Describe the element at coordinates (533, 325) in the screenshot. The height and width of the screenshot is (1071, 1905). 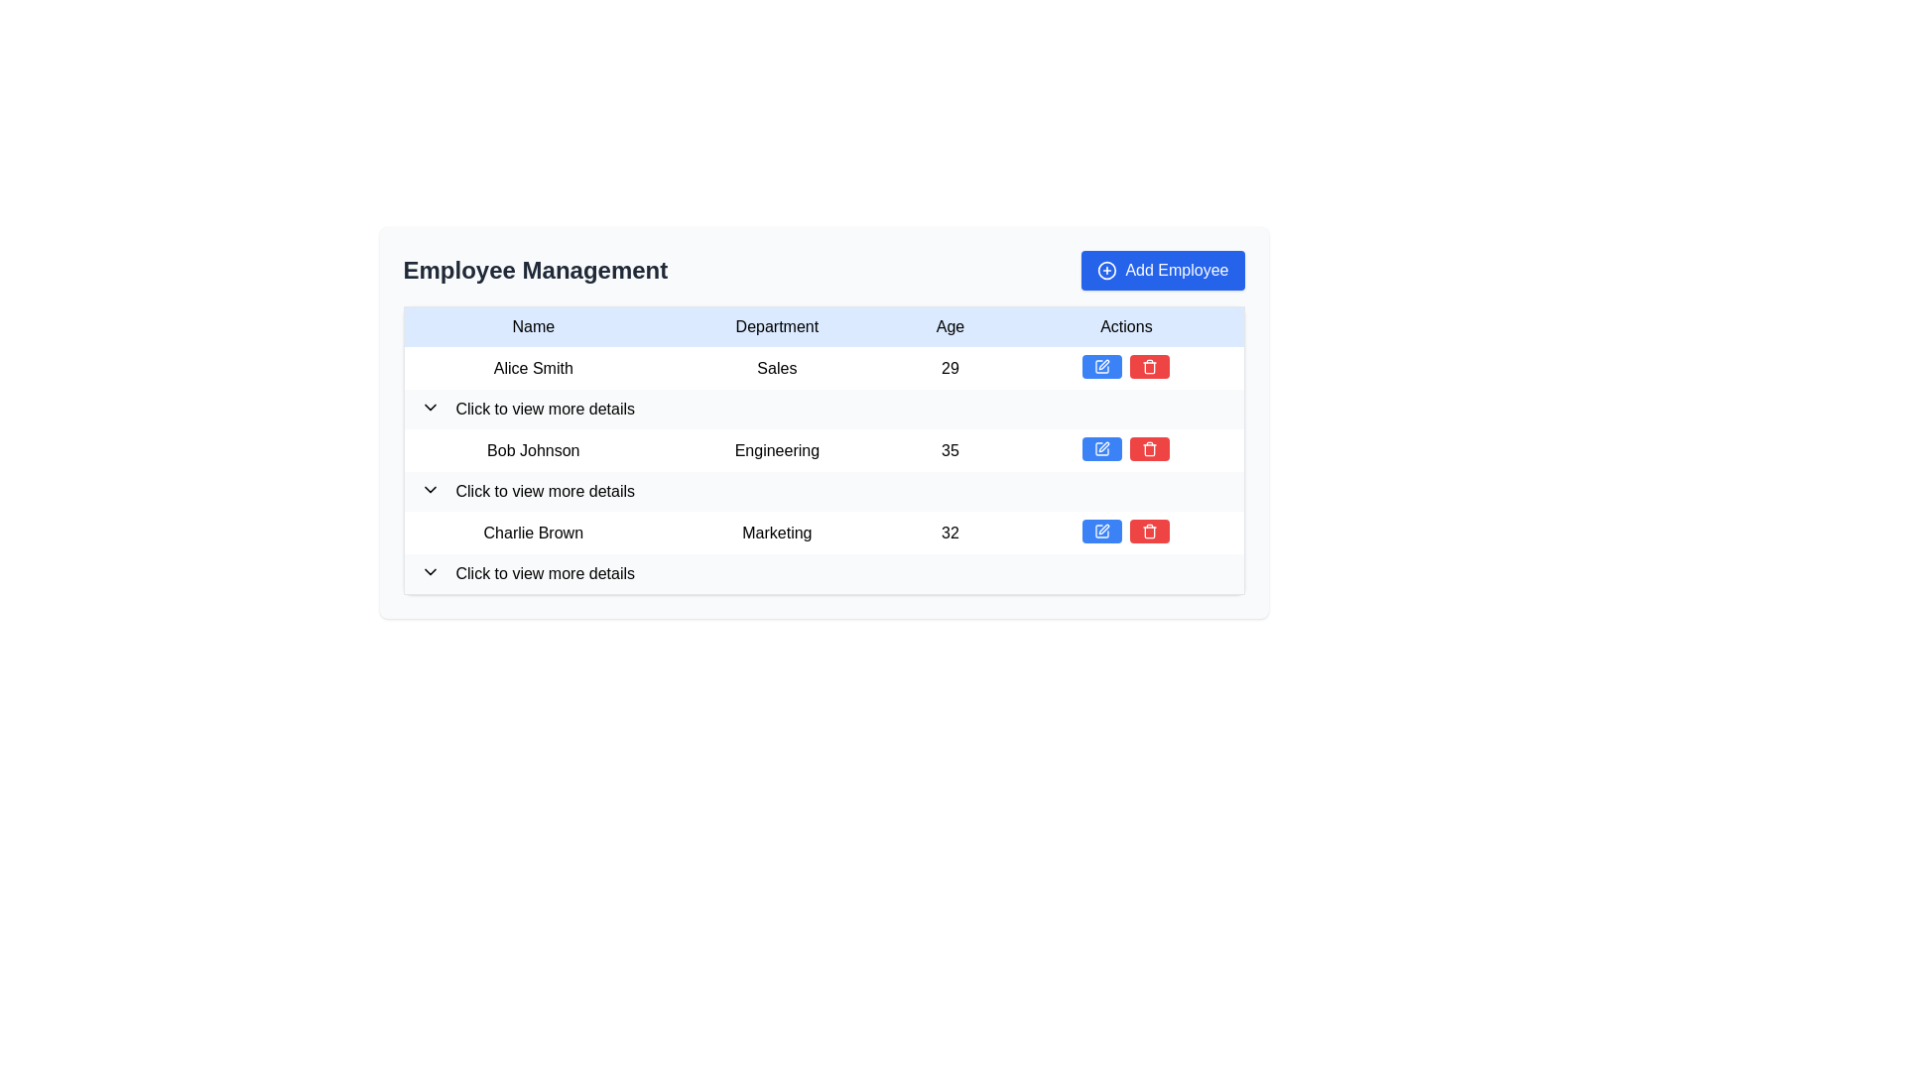
I see `the static text label displaying 'Name' which is the first header in the table, distinguished by its light blue background and medium font weight` at that location.